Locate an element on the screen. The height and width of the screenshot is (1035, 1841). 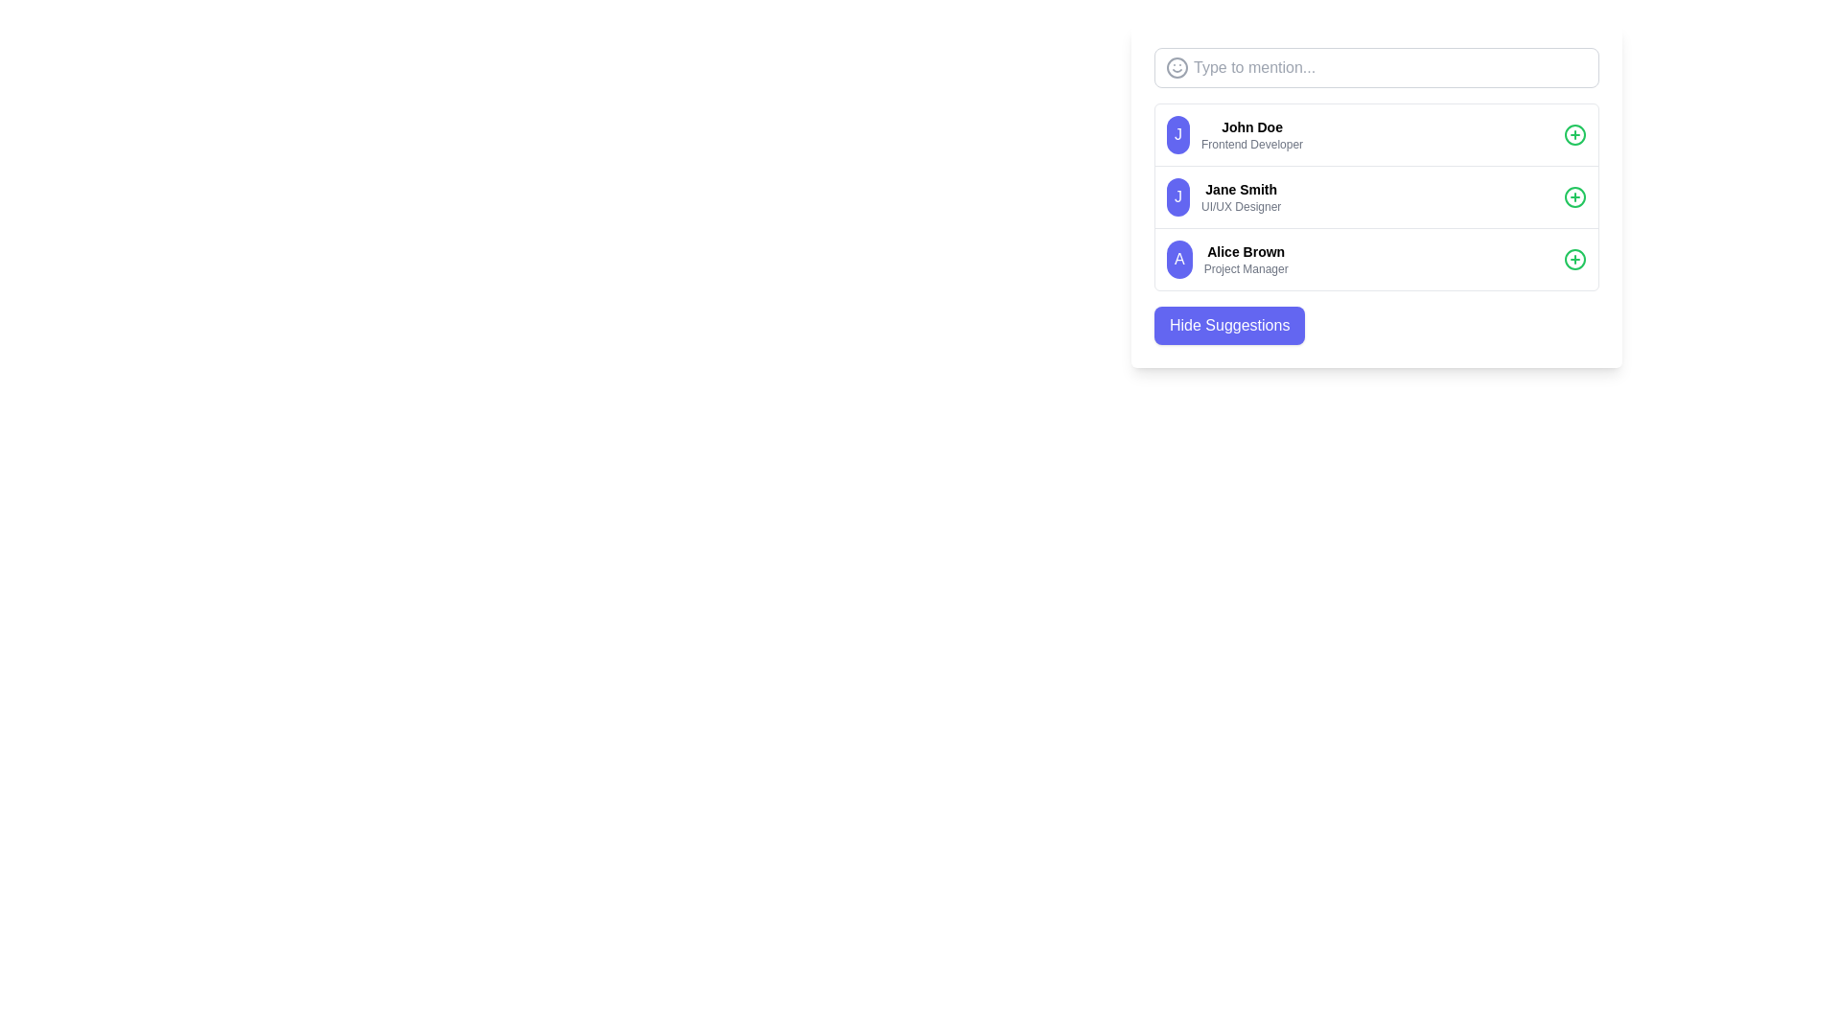
the second user card in the list displaying information about 'Jane Smith' is located at coordinates (1375, 195).